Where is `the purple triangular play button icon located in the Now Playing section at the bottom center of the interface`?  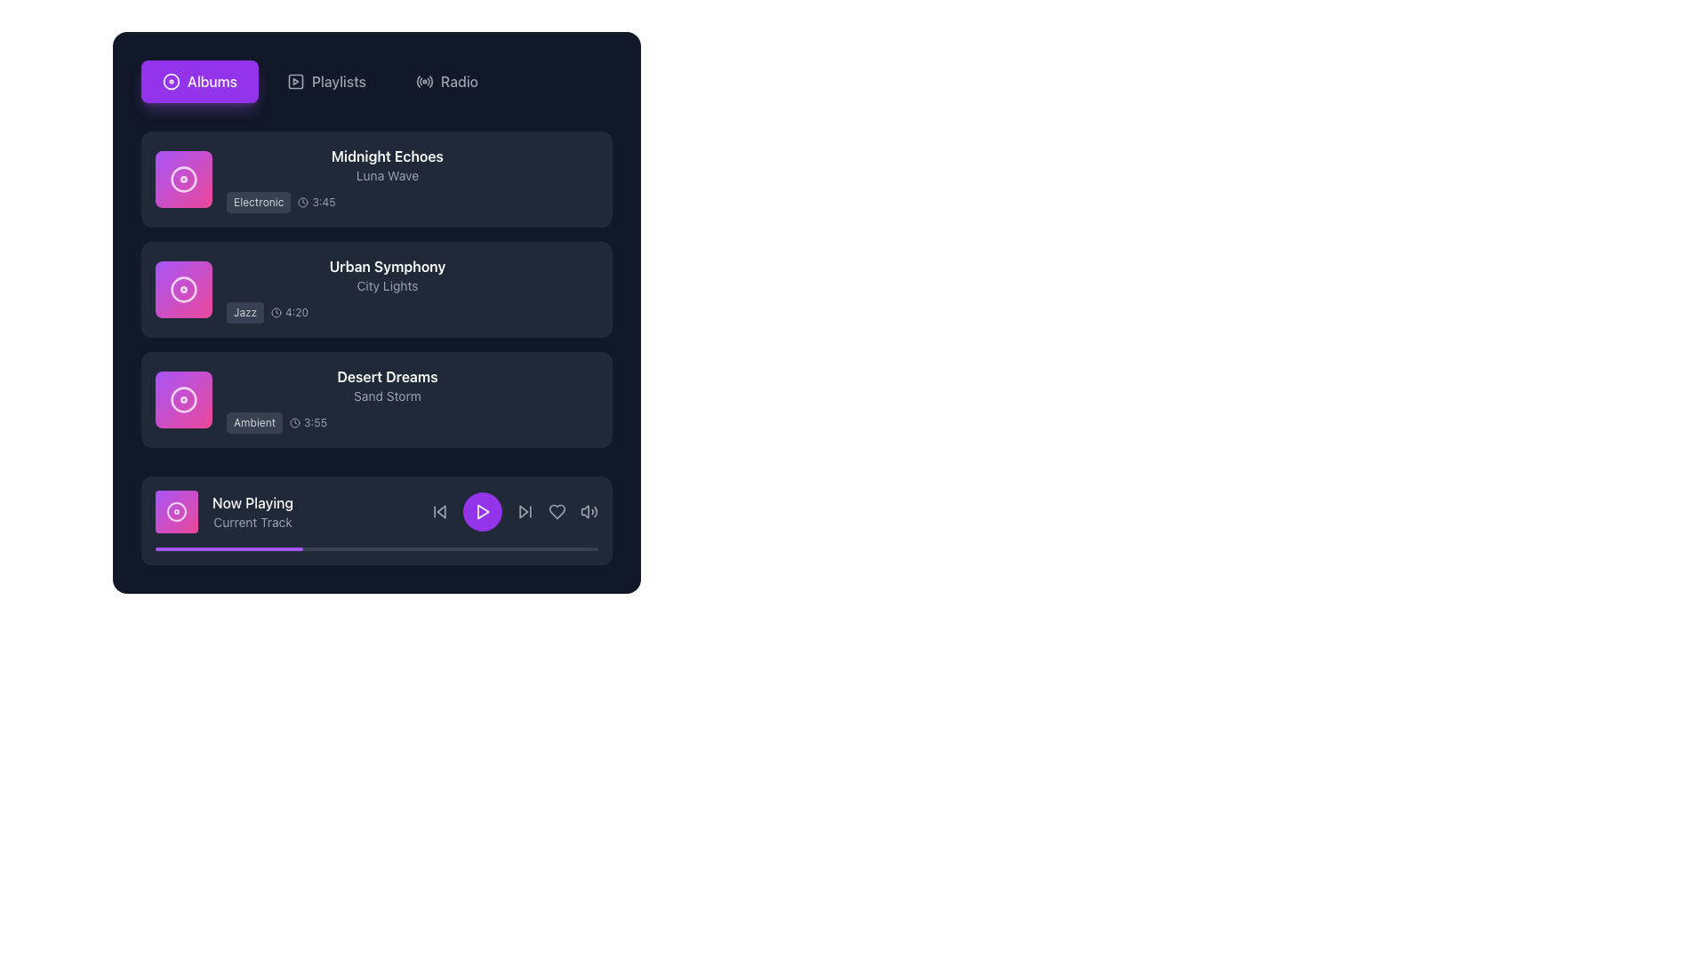
the purple triangular play button icon located in the Now Playing section at the bottom center of the interface is located at coordinates (483, 511).